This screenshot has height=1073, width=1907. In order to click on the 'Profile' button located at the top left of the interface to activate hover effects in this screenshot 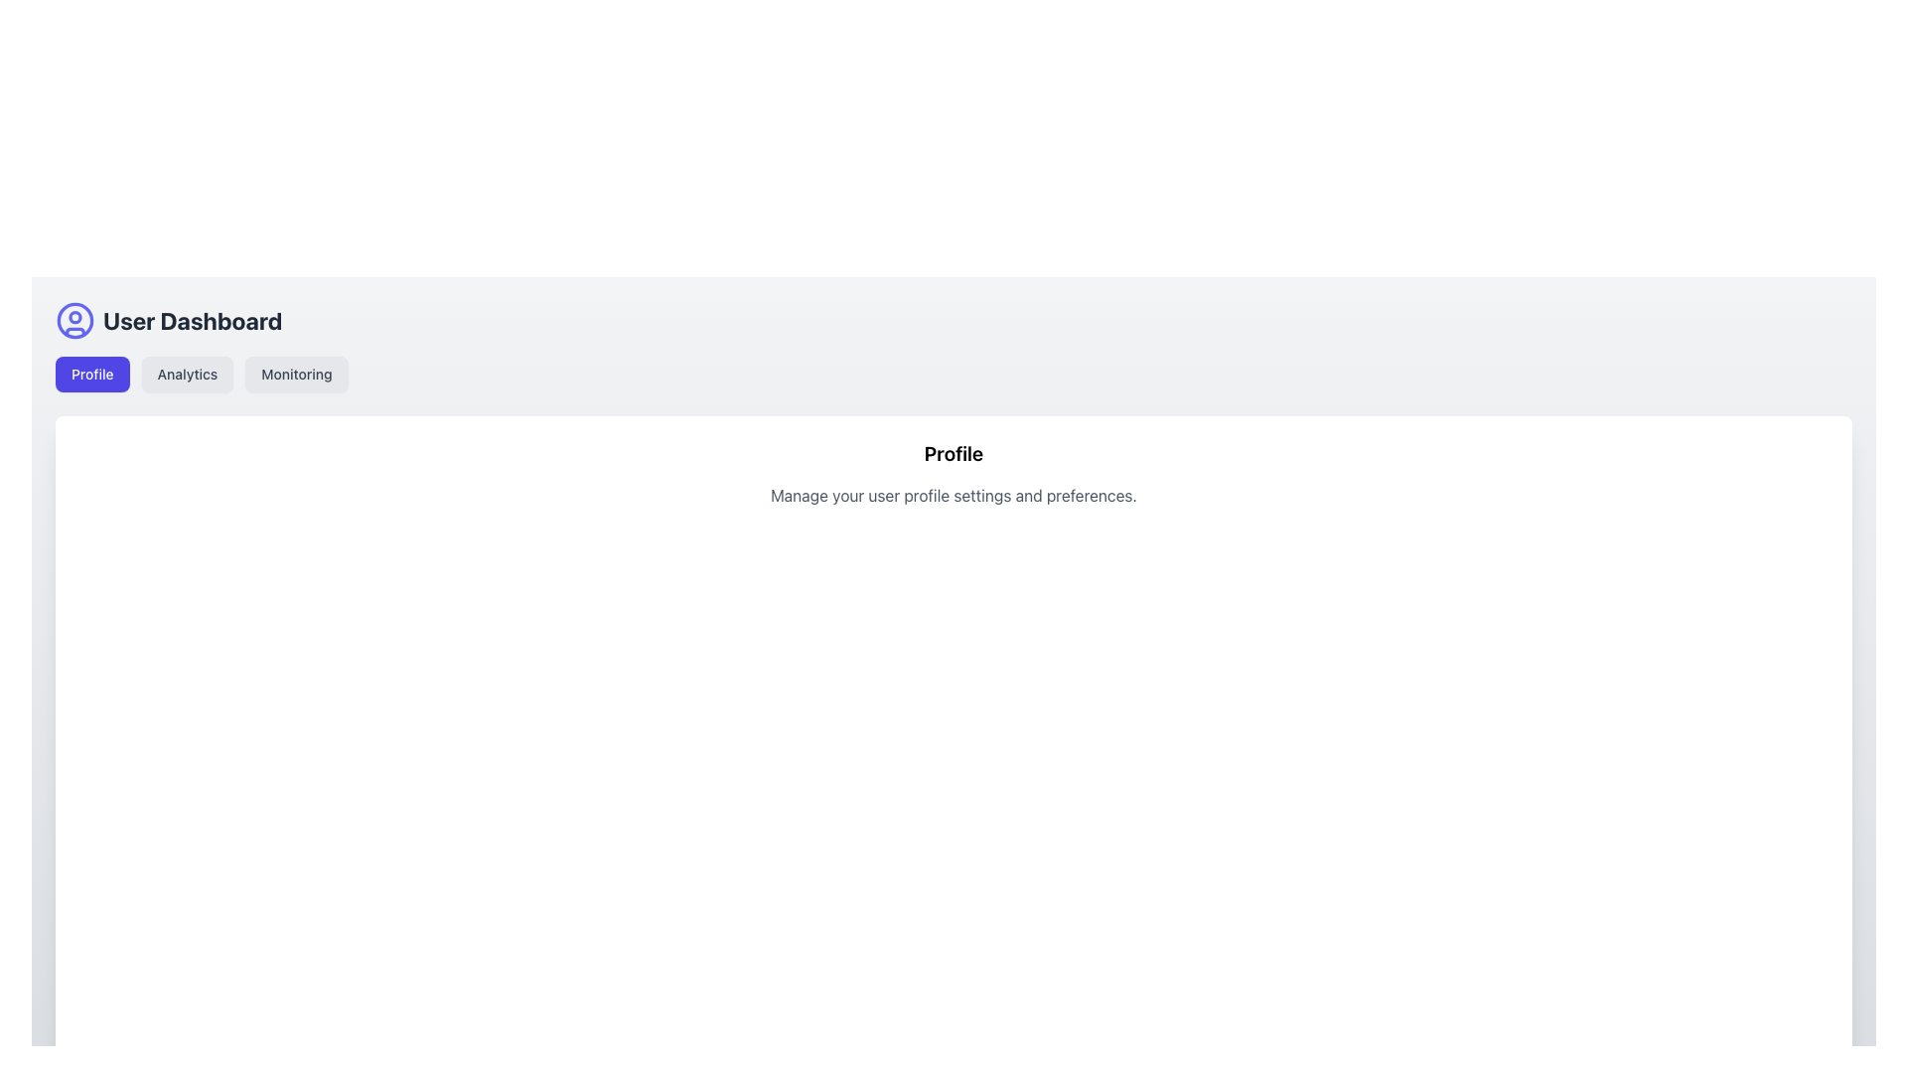, I will do `click(91, 375)`.